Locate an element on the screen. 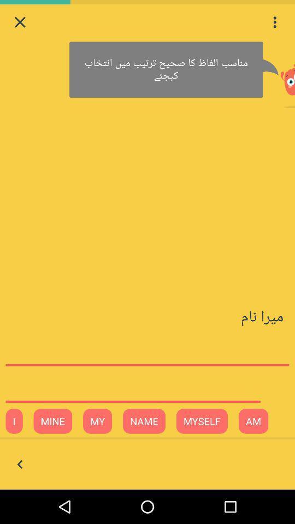  the more icon is located at coordinates (274, 23).